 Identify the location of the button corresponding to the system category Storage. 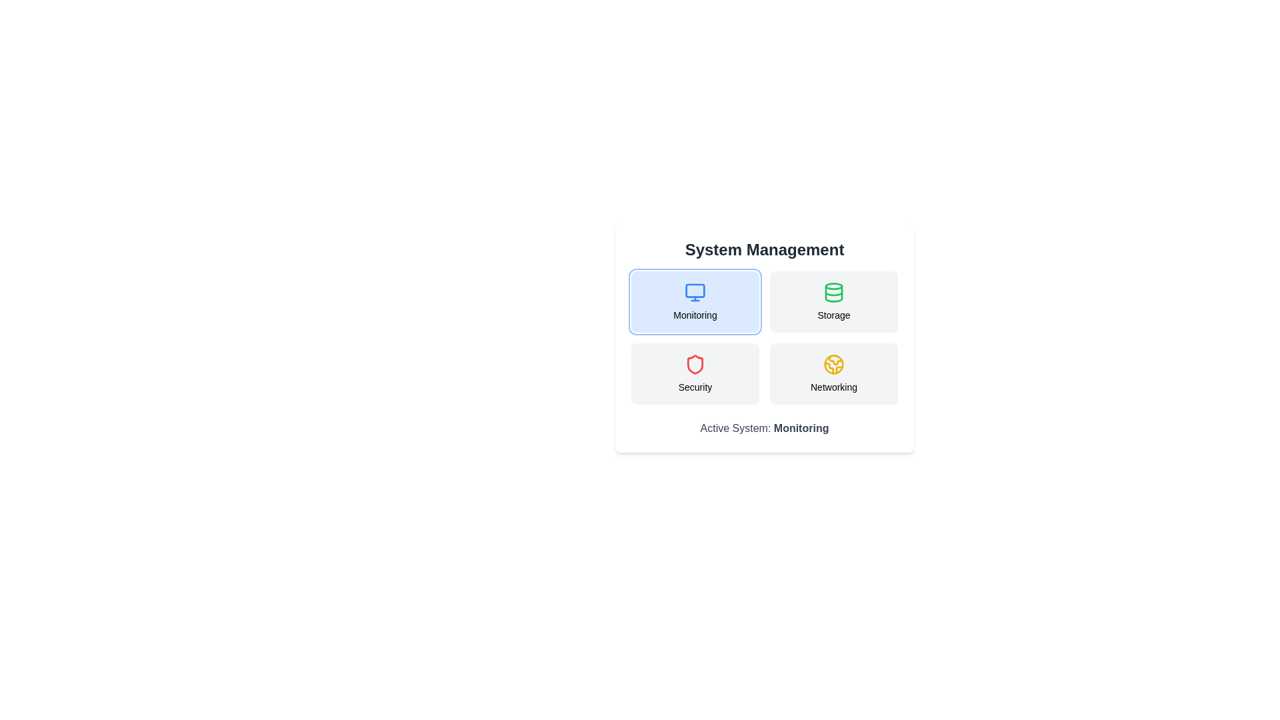
(833, 301).